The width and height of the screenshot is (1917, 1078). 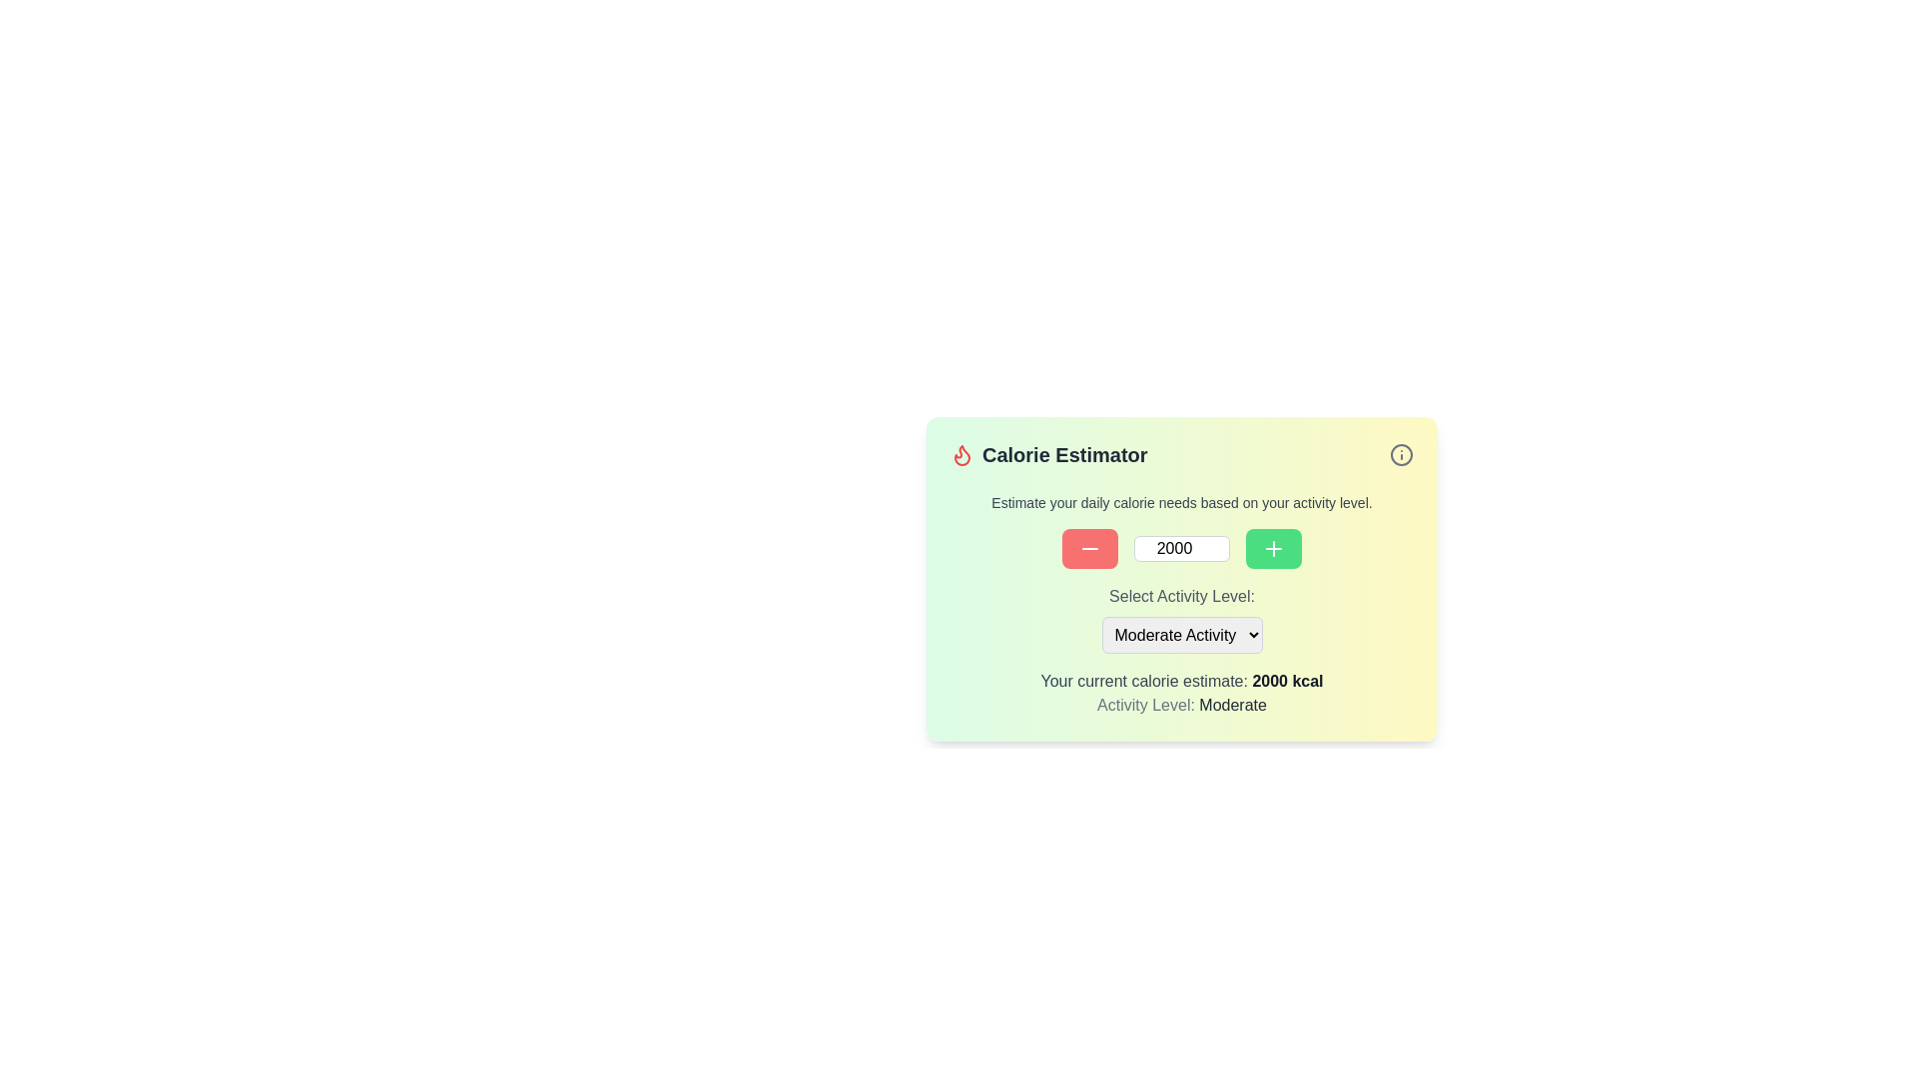 What do you see at coordinates (1182, 635) in the screenshot?
I see `the dropdown menu labeled 'Select Activity Level:'` at bounding box center [1182, 635].